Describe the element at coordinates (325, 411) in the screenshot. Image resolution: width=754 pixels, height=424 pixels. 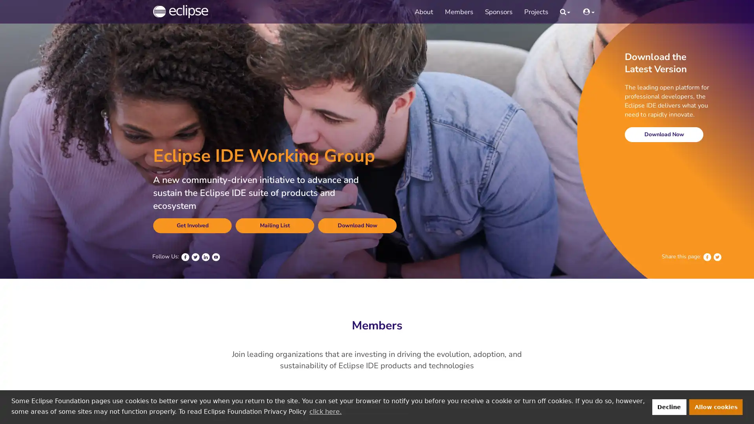
I see `learn more about cookies` at that location.